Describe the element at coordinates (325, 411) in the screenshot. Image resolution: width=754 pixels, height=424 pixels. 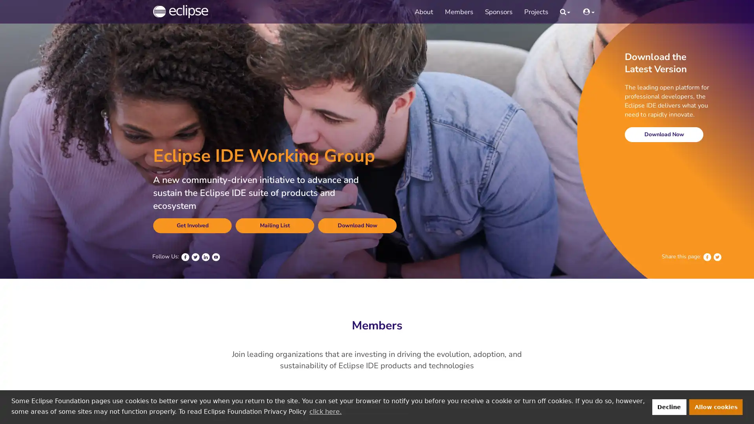
I see `learn more about cookies` at that location.